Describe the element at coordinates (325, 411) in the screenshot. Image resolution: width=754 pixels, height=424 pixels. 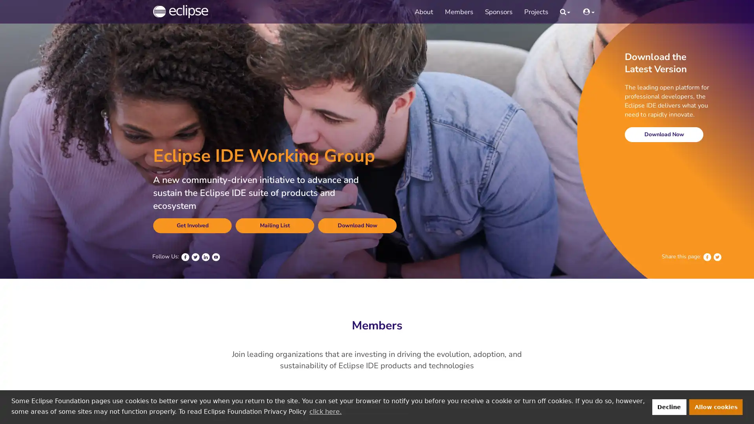
I see `learn more about cookies` at that location.